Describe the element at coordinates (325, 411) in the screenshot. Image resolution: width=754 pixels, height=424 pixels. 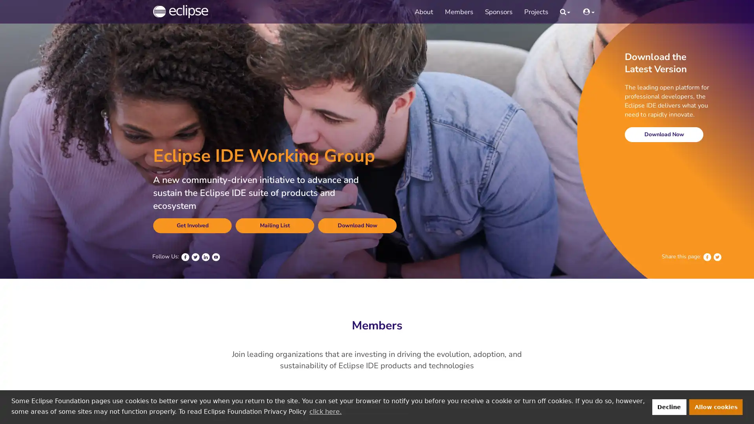
I see `learn more about cookies` at that location.